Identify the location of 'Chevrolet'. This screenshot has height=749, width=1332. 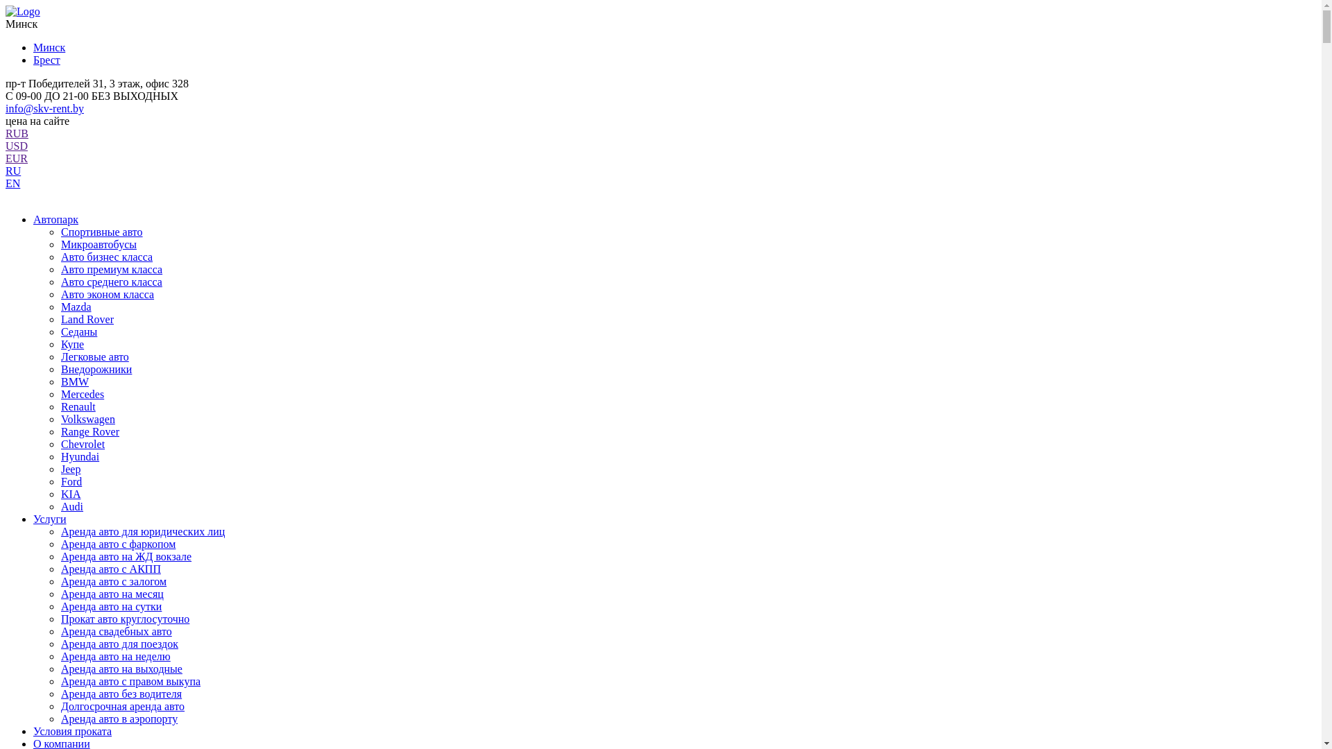
(60, 444).